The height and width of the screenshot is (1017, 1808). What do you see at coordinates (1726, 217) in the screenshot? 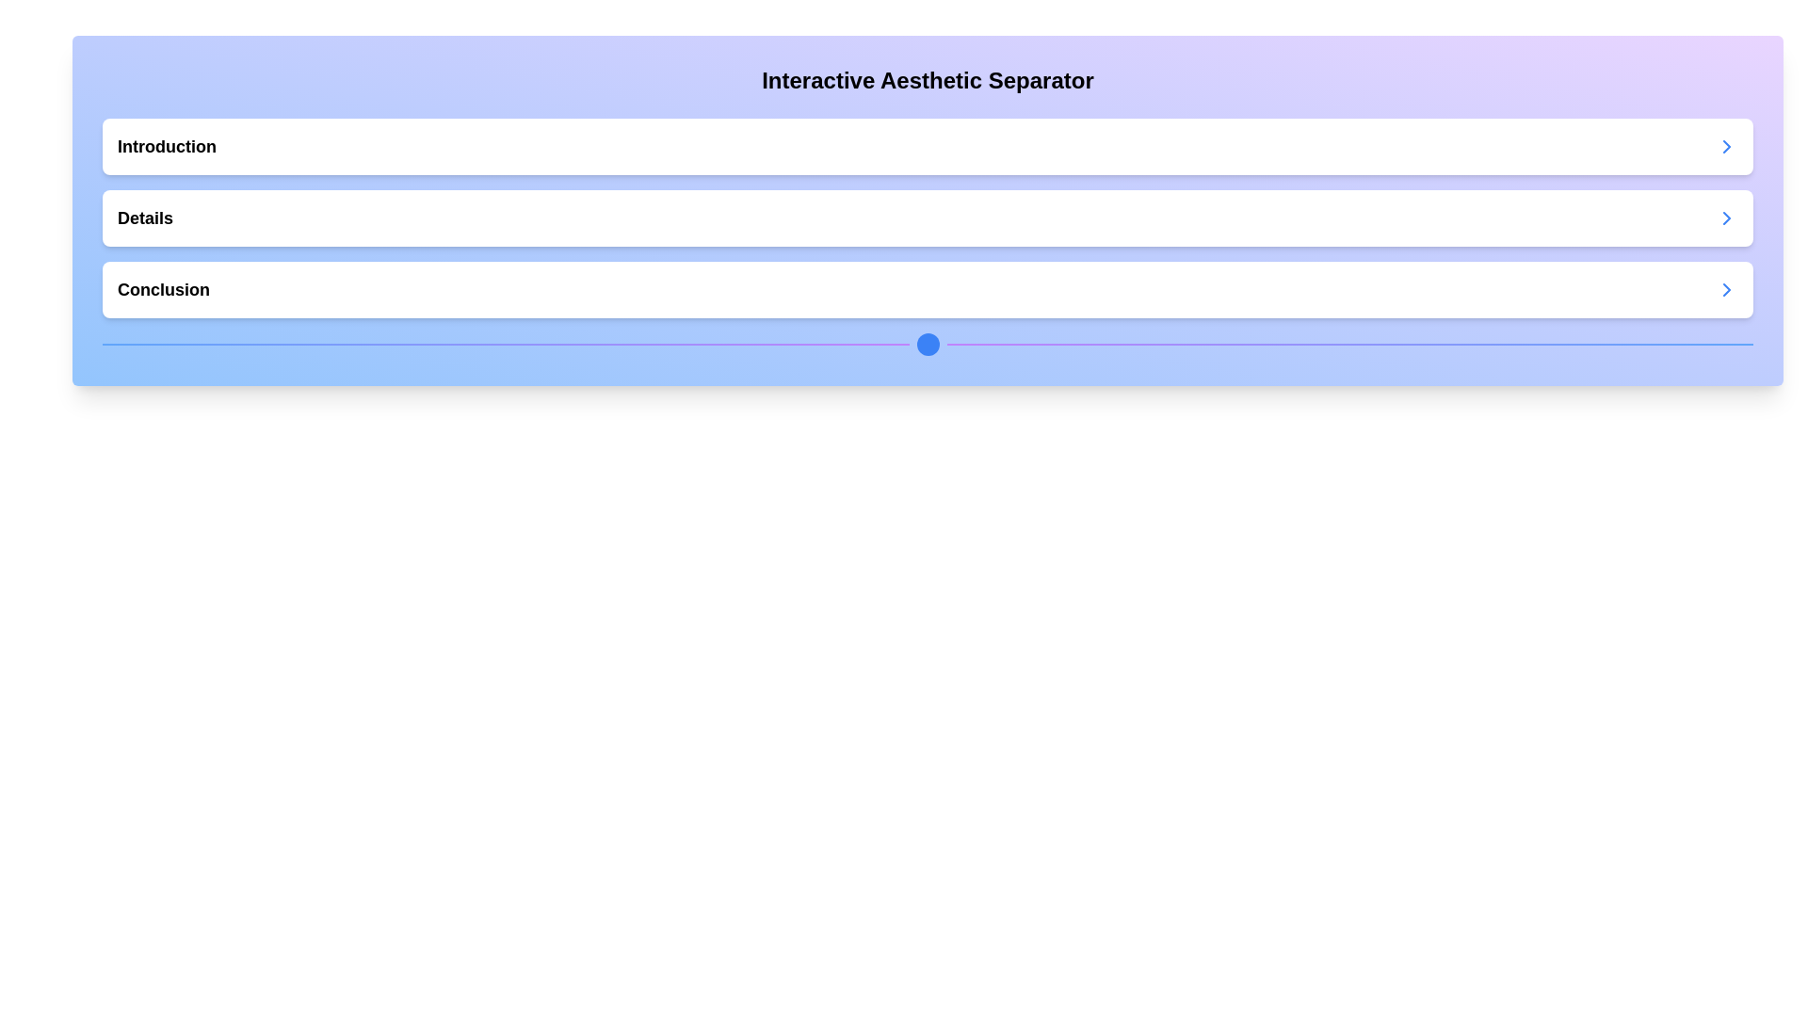
I see `the blue chevron indicator that points right, located next to the 'Details' label` at bounding box center [1726, 217].